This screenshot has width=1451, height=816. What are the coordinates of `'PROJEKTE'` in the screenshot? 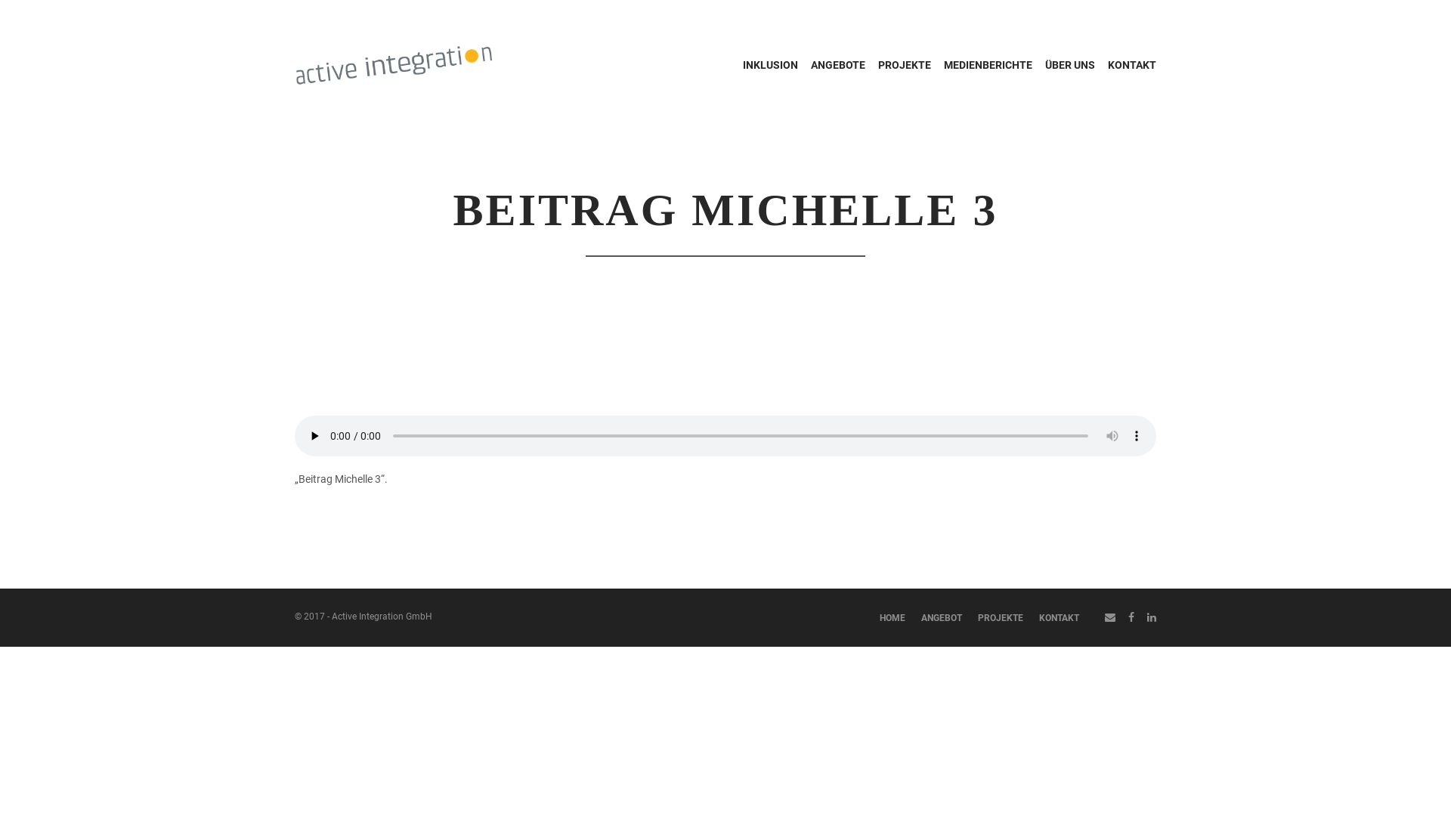 It's located at (904, 63).